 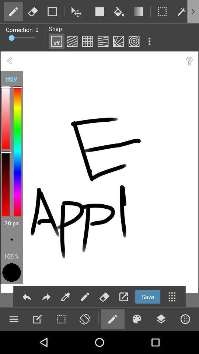 I want to click on the dialpad icon, so click(x=172, y=297).